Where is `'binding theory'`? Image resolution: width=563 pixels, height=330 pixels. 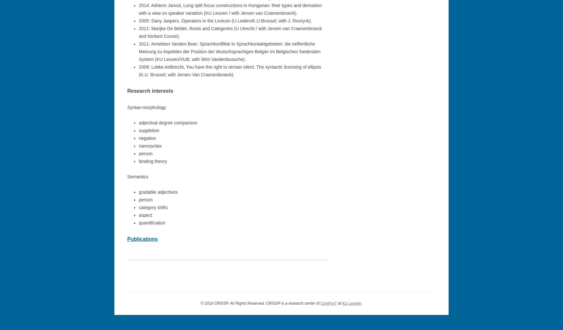
'binding theory' is located at coordinates (153, 161).